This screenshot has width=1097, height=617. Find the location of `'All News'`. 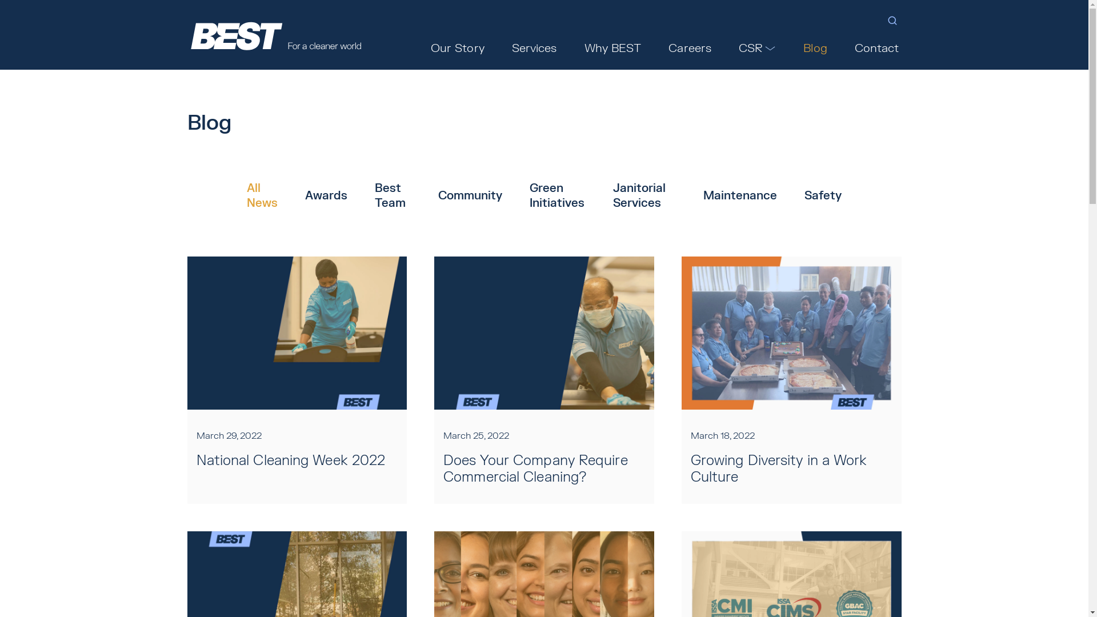

'All News' is located at coordinates (262, 195).